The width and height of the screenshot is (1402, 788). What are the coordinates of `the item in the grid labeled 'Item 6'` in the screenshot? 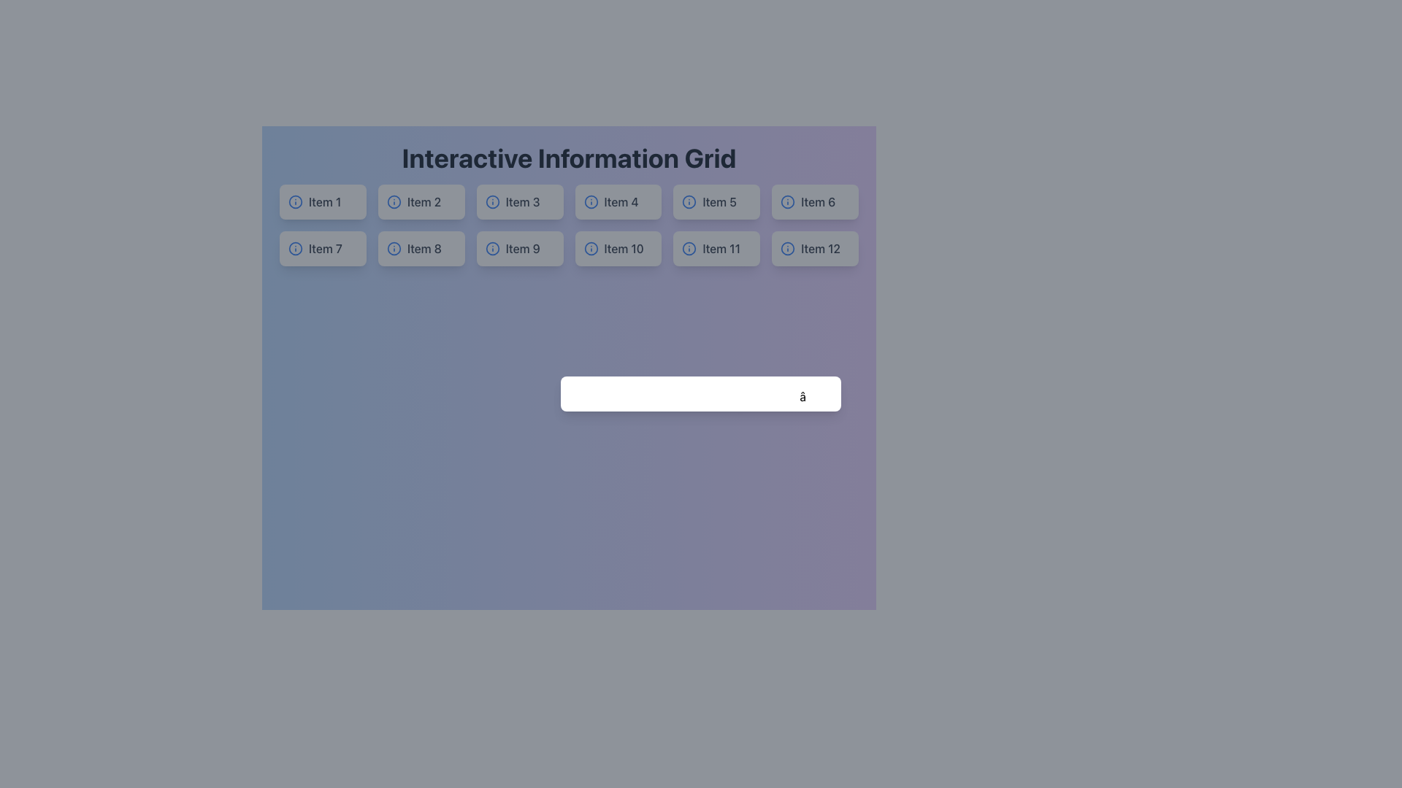 It's located at (814, 202).